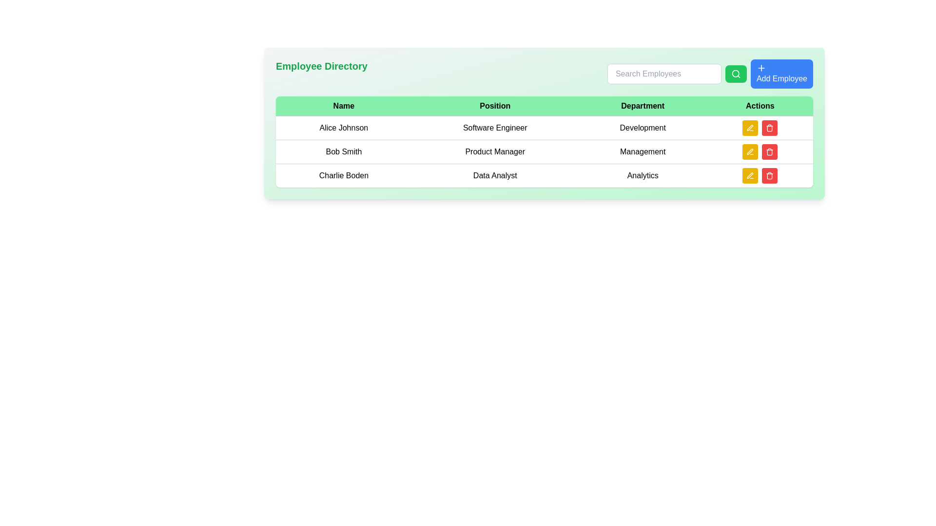 This screenshot has height=526, width=936. Describe the element at coordinates (750, 151) in the screenshot. I see `the yellow pen icon button located in the 'Actions' column of the 'Management' row within the employee directory table` at that location.